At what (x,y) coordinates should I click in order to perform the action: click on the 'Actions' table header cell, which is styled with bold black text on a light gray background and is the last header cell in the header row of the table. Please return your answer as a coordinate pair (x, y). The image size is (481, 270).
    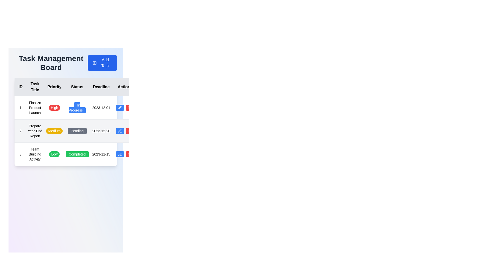
    Looking at the image, I should click on (125, 87).